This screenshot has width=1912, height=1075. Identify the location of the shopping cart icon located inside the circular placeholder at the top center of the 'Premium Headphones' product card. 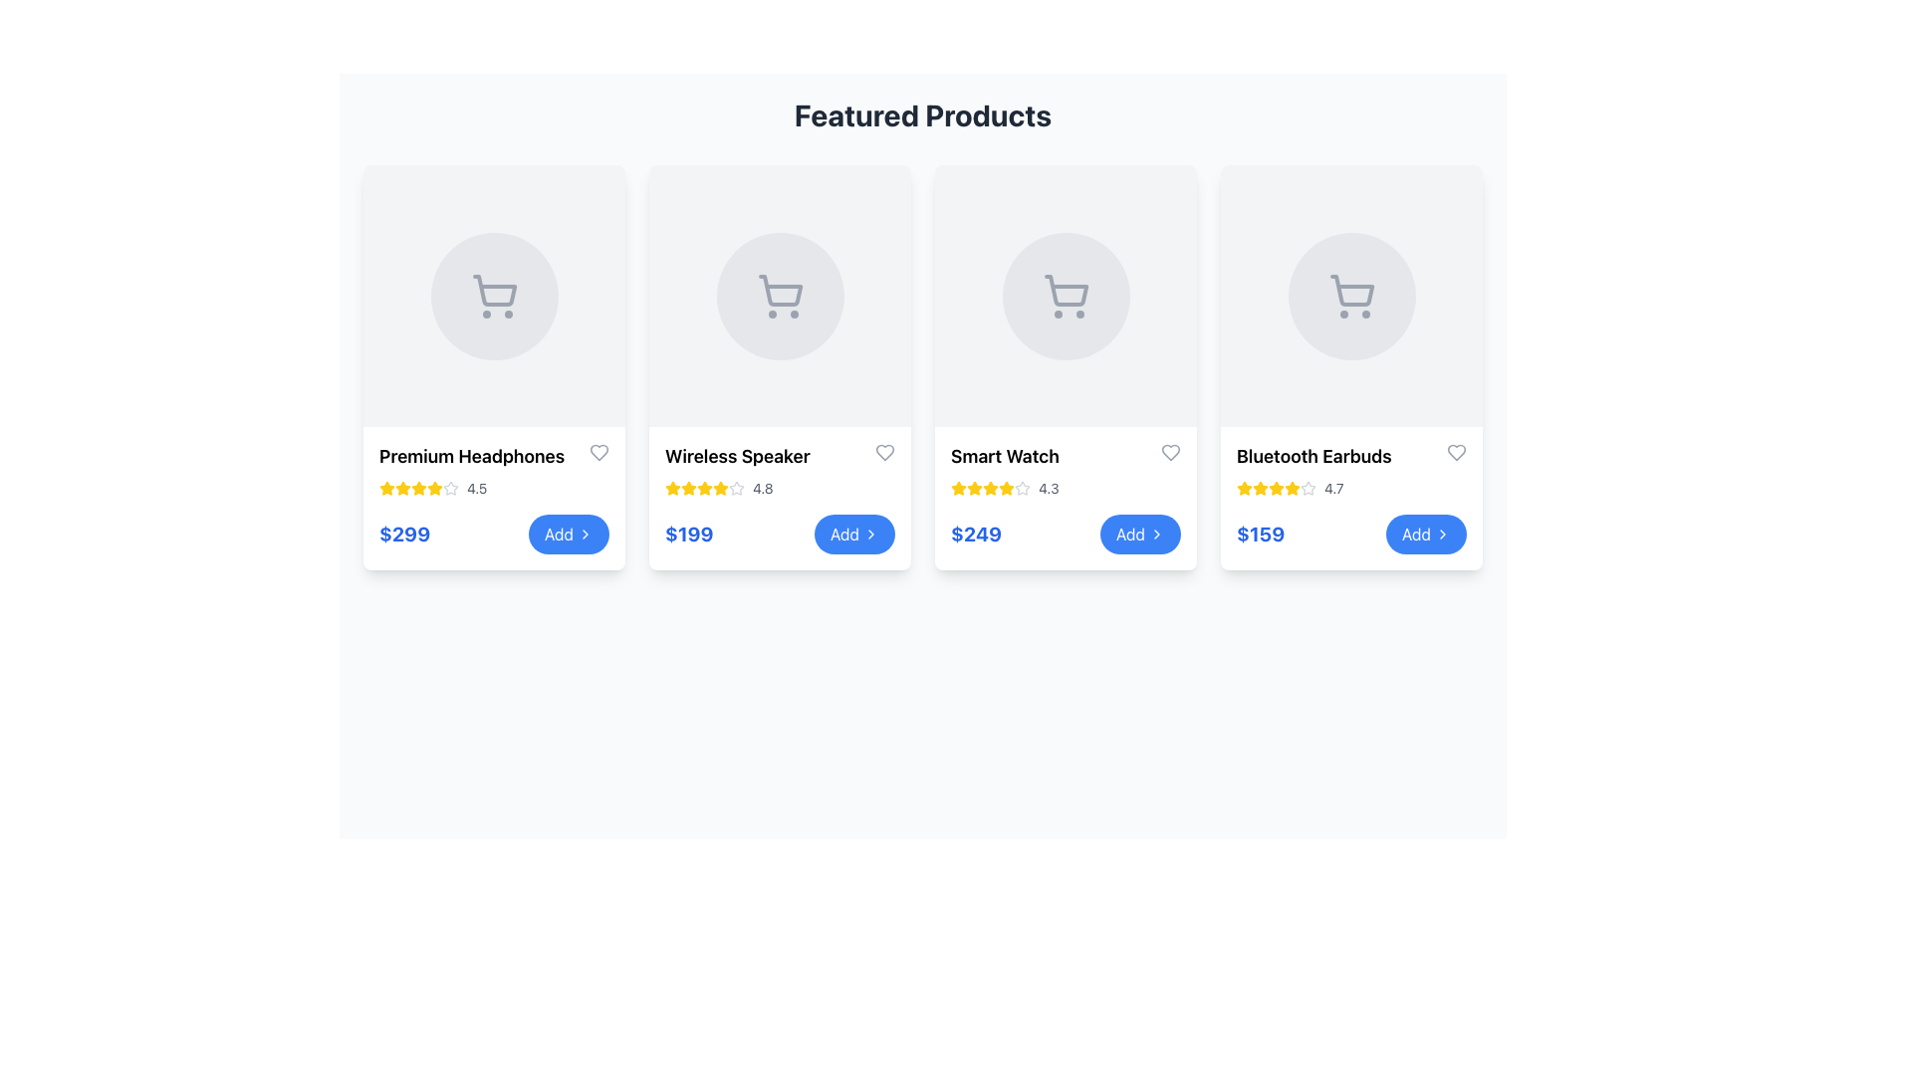
(494, 290).